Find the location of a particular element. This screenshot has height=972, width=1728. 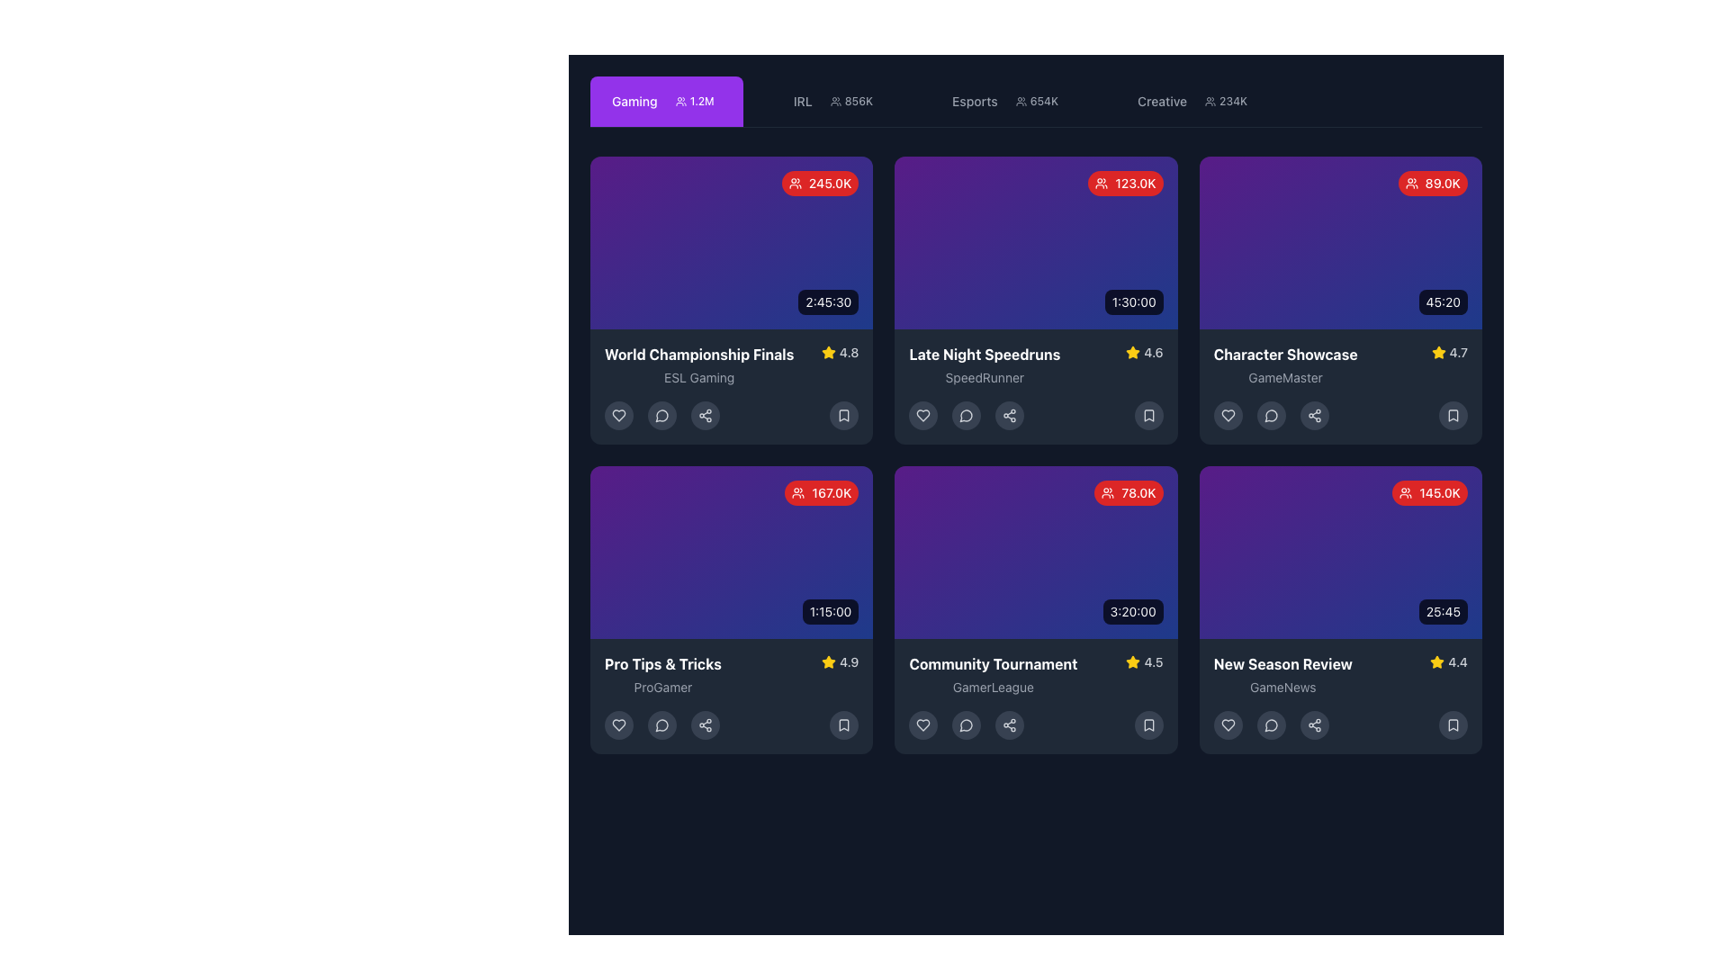

the circular share button with a gray background and a white icon inside, located in the bottom row of the 'Community Tournament' card under 'GamerLeague' is located at coordinates (1010, 724).